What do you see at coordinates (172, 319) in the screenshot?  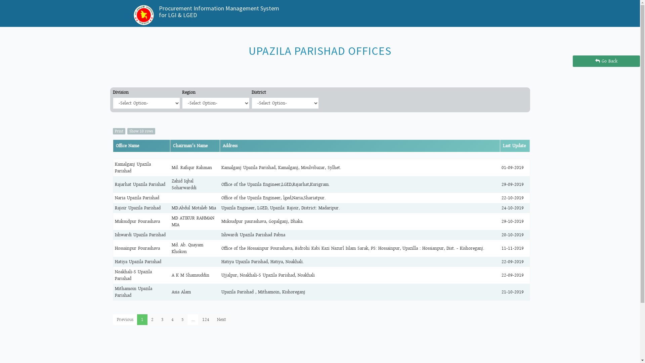 I see `'4'` at bounding box center [172, 319].